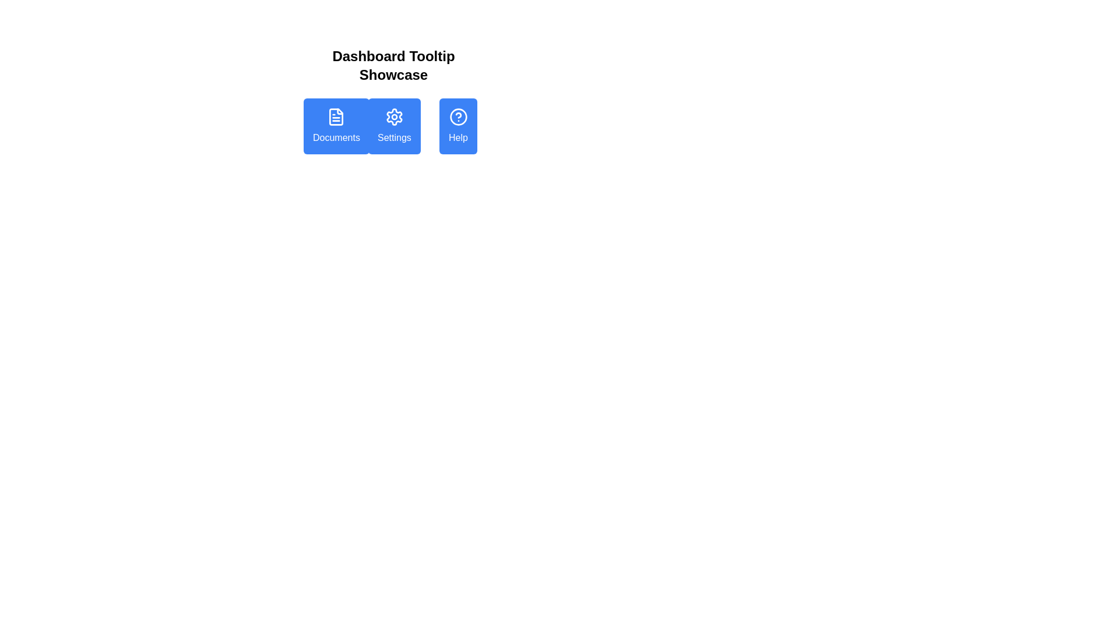  Describe the element at coordinates (336, 126) in the screenshot. I see `the first button in the row of buttons located beneath the 'Dashboard Tooltip Showcase' heading` at that location.